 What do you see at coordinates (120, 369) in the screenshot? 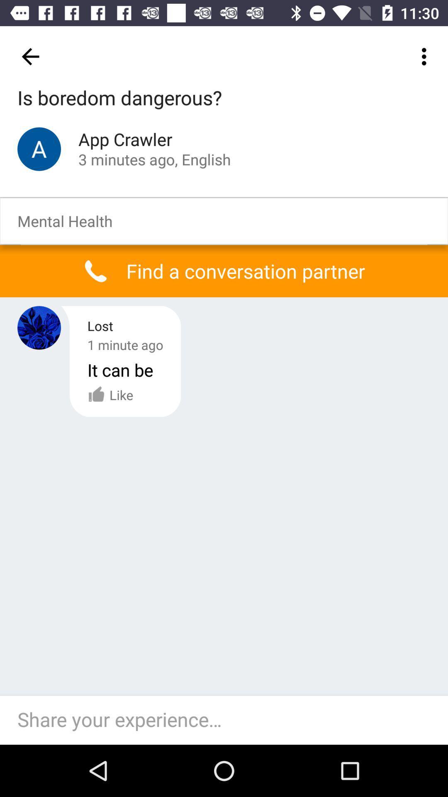
I see `the it can be icon` at bounding box center [120, 369].